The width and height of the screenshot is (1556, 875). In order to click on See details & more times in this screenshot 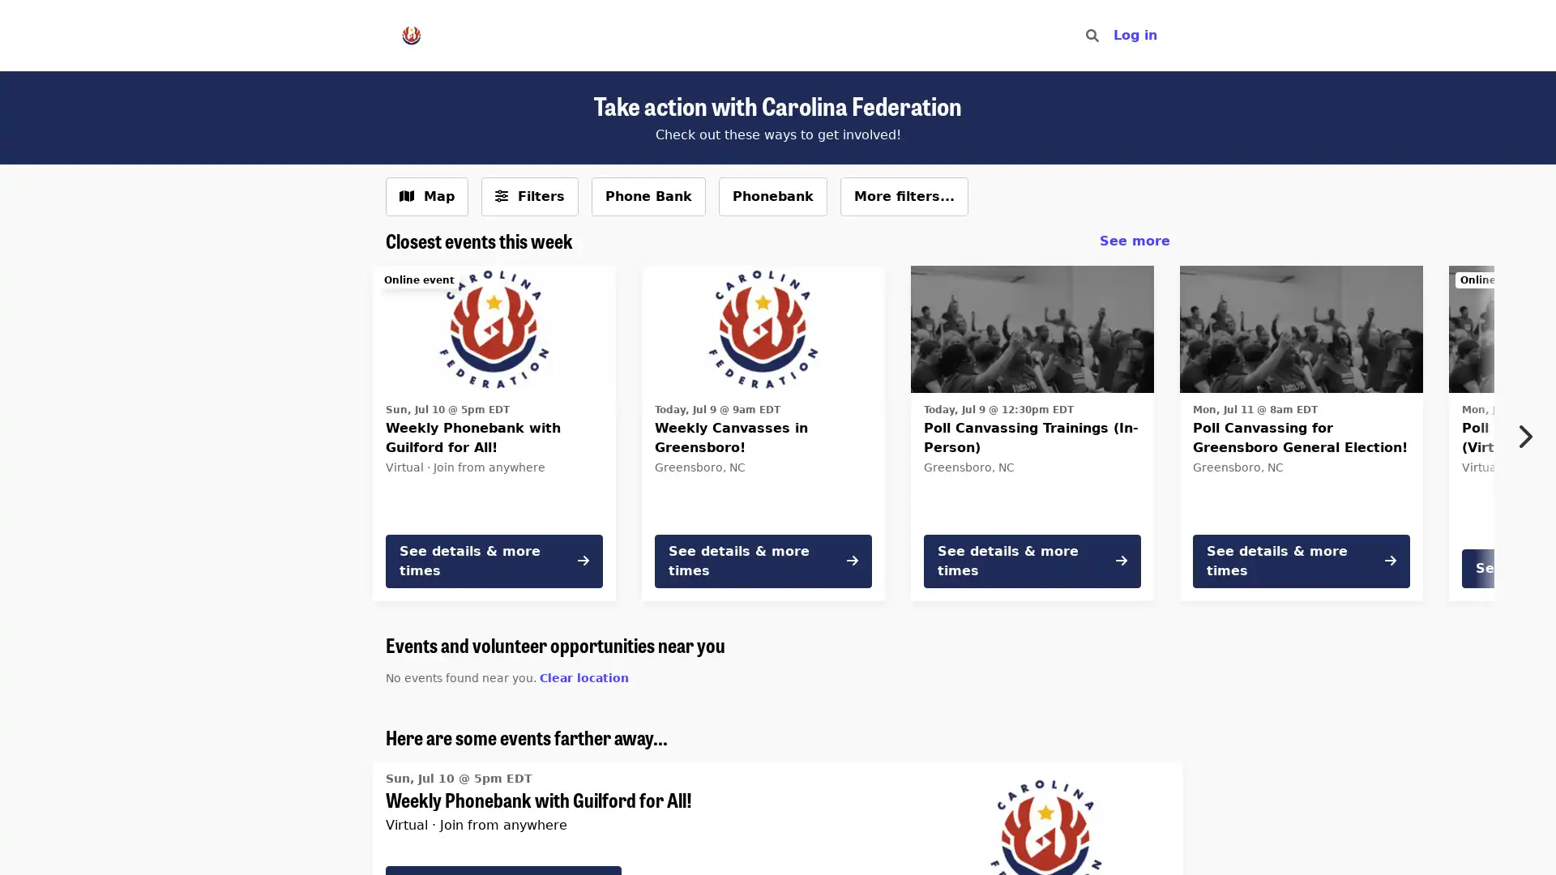, I will do `click(493, 559)`.